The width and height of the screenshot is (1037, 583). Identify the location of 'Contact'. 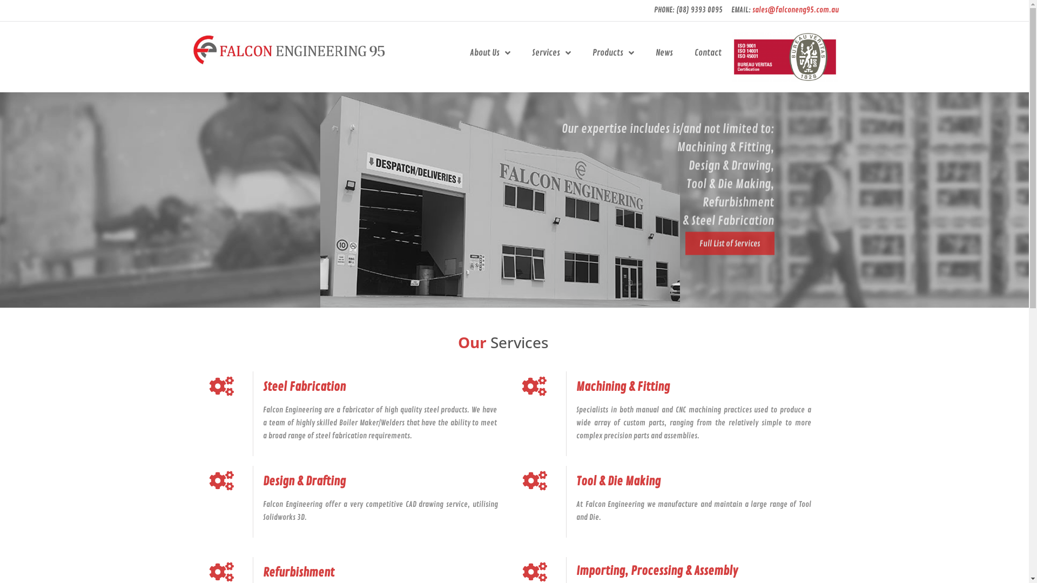
(708, 52).